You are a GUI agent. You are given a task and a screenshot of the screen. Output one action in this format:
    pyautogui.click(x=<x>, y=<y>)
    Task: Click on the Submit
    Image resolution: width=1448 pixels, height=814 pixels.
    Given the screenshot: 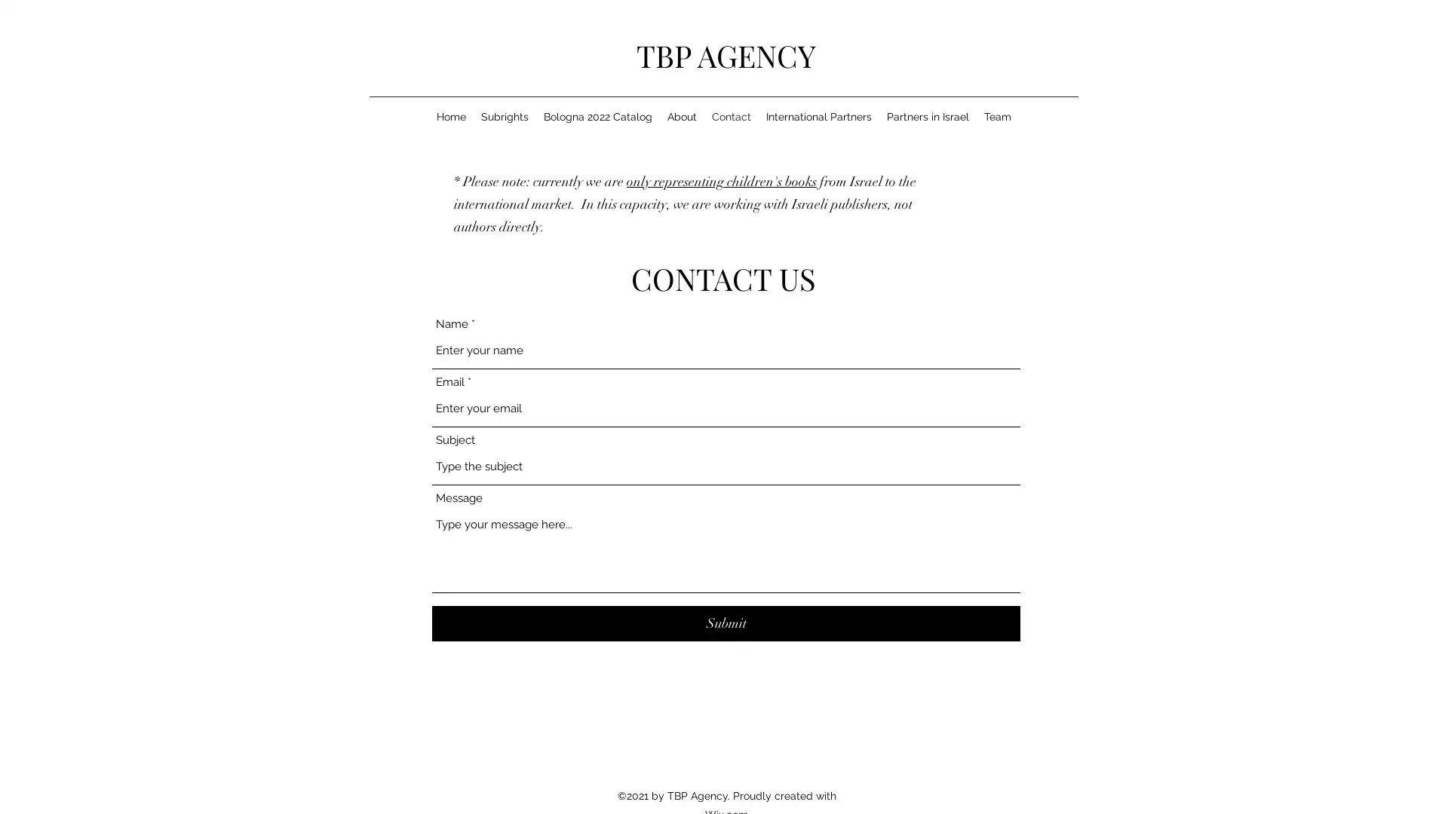 What is the action you would take?
    pyautogui.click(x=726, y=623)
    